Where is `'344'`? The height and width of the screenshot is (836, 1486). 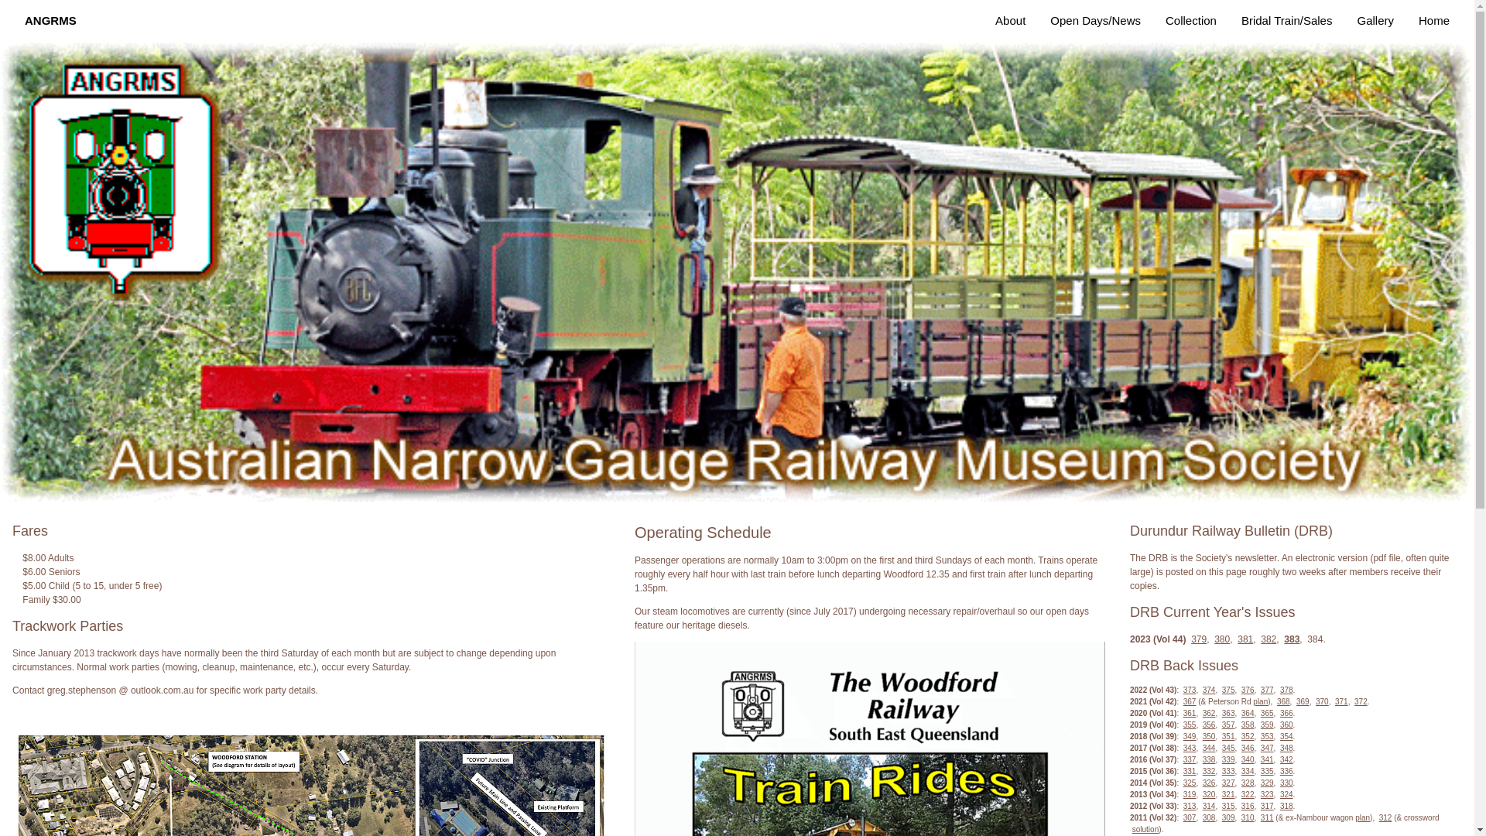
'344' is located at coordinates (1208, 747).